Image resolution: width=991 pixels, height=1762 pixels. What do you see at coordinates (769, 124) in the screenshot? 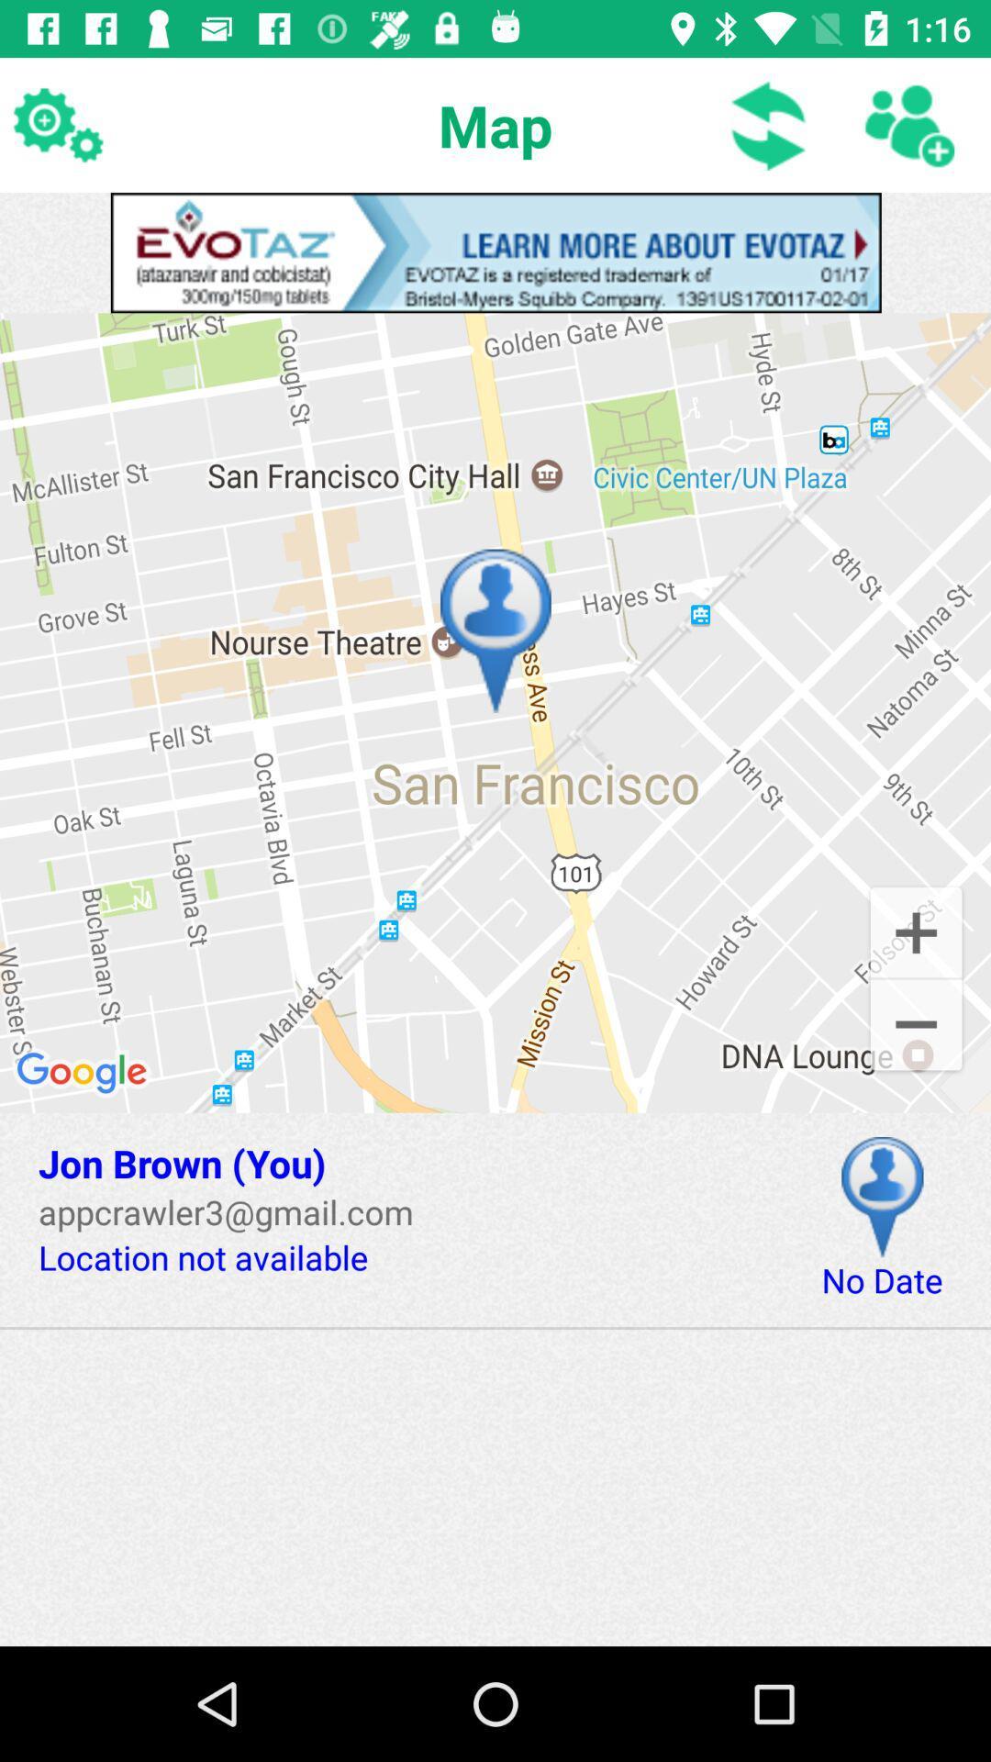
I see `refresh map` at bounding box center [769, 124].